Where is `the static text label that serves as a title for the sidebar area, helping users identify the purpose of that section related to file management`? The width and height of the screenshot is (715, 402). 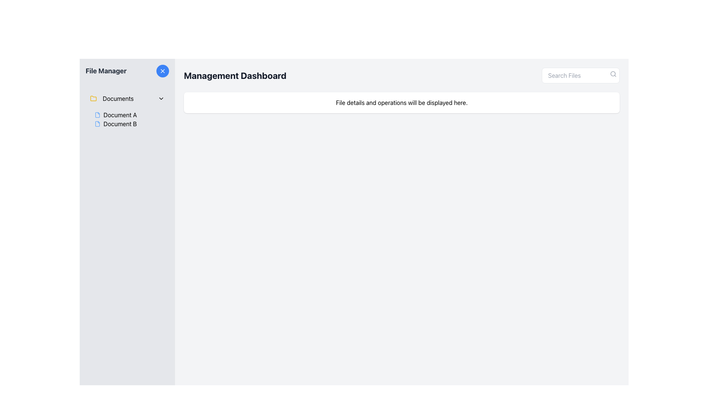 the static text label that serves as a title for the sidebar area, helping users identify the purpose of that section related to file management is located at coordinates (105, 71).